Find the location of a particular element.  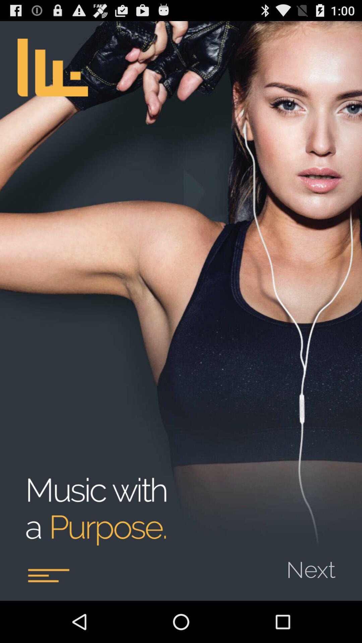

the icon to the left of next item is located at coordinates (48, 575).